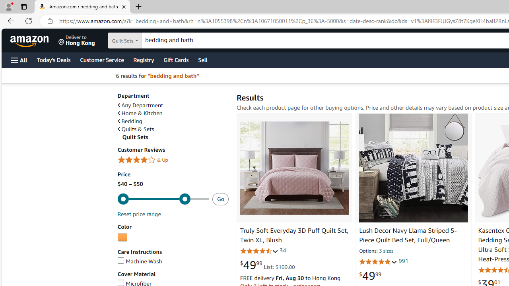  I want to click on 'Home & Kitchen', so click(140, 113).